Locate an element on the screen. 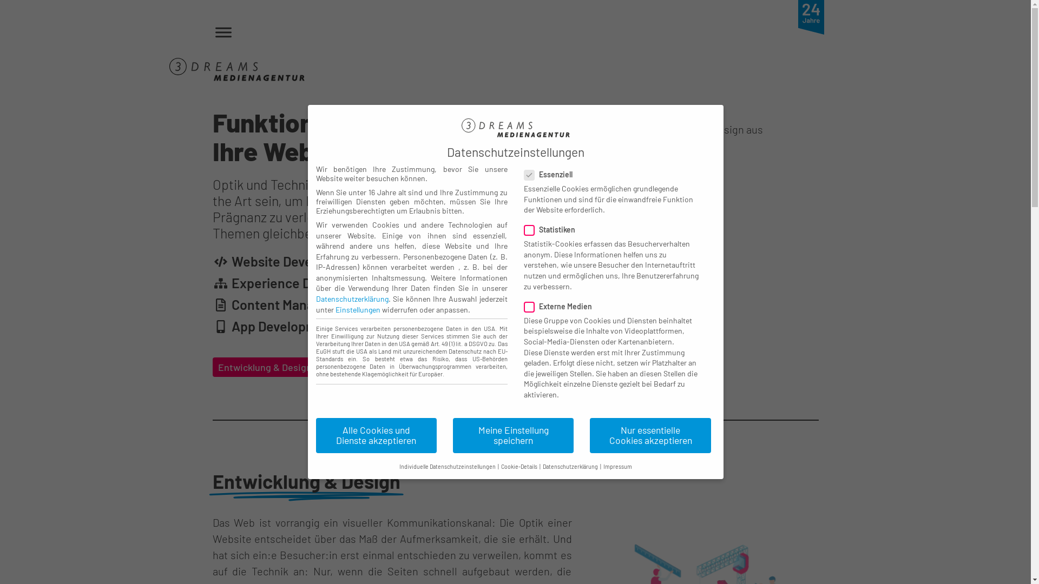 The width and height of the screenshot is (1039, 584). 'Individuelle Datenschutzeinstellungen' is located at coordinates (447, 466).